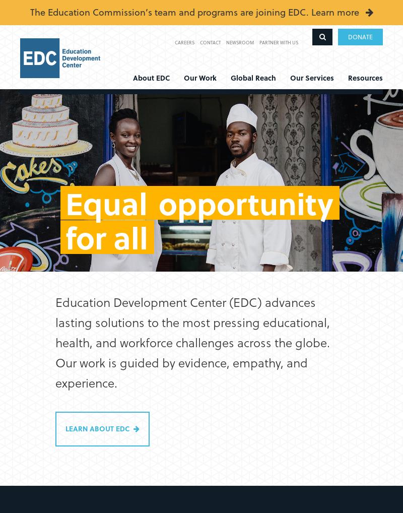 This screenshot has width=403, height=513. Describe the element at coordinates (230, 166) in the screenshot. I see `'Middle East'` at that location.